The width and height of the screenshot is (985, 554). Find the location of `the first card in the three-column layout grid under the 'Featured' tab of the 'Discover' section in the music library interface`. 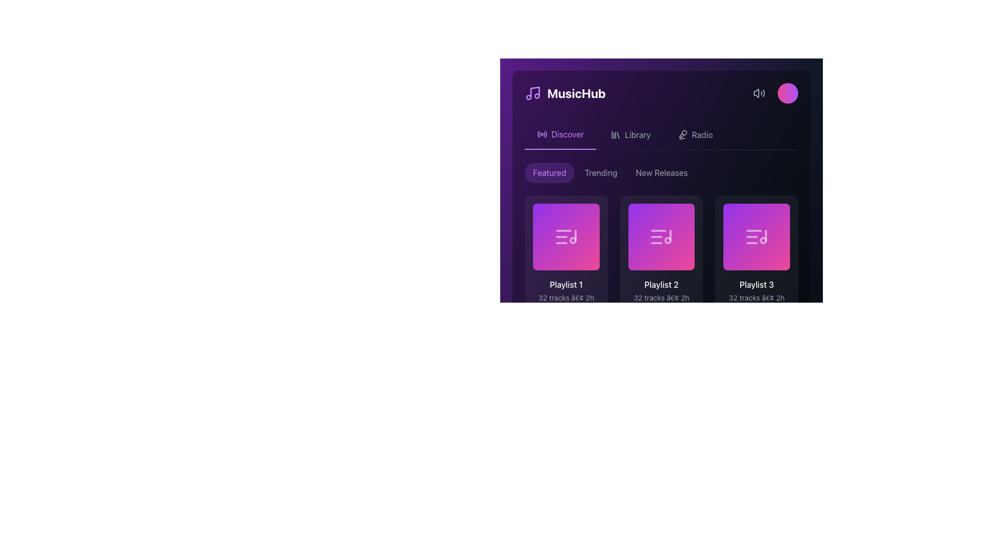

the first card in the three-column layout grid under the 'Featured' tab of the 'Discover' section in the music library interface is located at coordinates (565, 267).